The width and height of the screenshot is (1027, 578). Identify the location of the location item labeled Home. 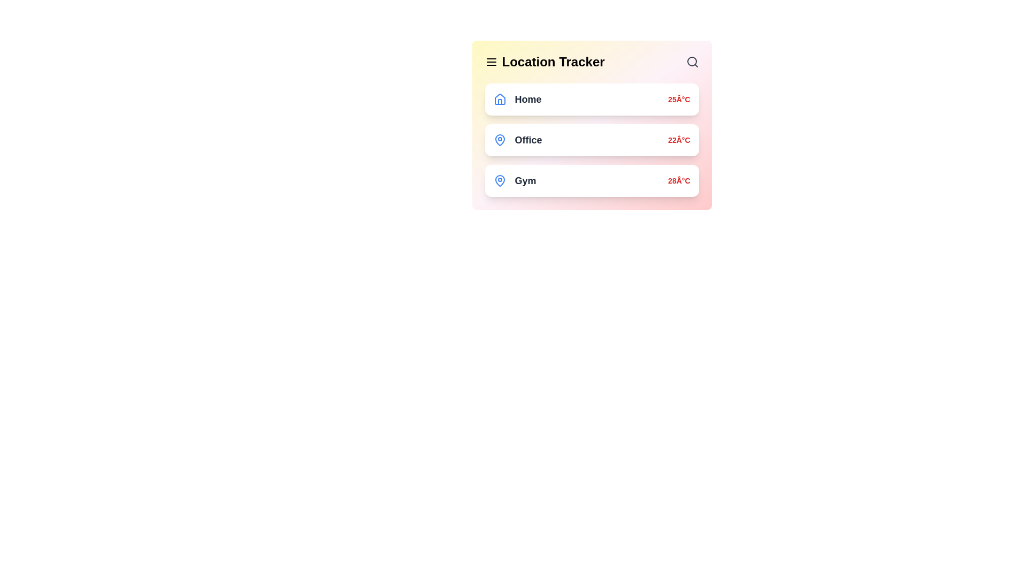
(591, 99).